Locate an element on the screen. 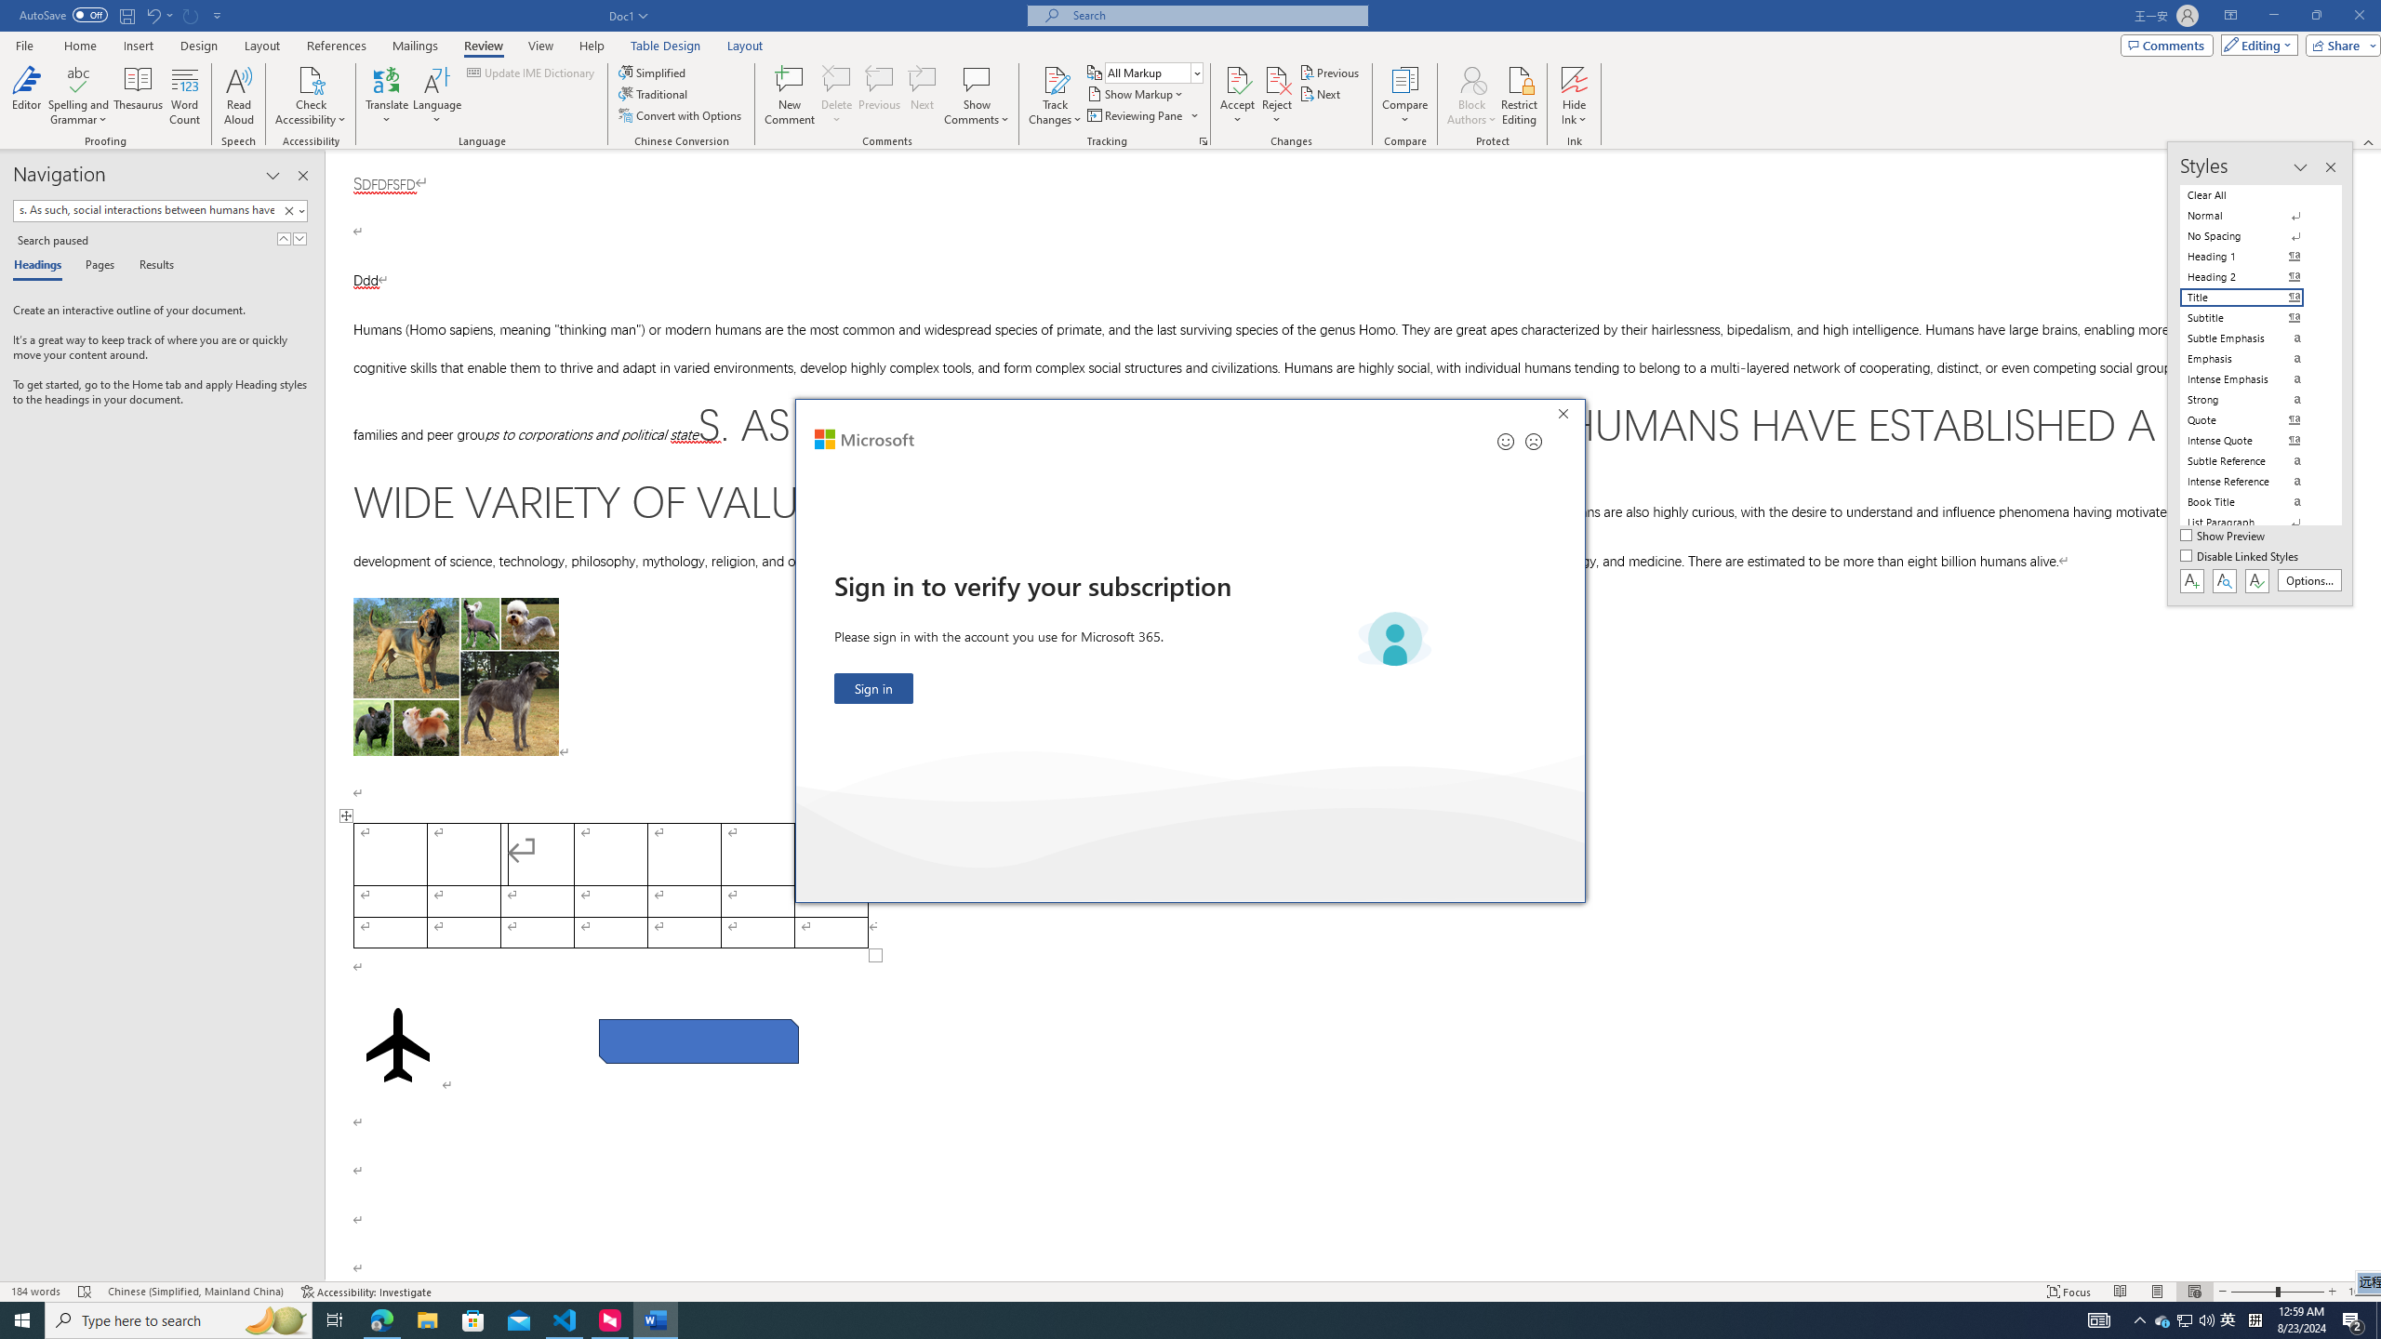 The height and width of the screenshot is (1339, 2381). 'Strong' is located at coordinates (2253, 398).